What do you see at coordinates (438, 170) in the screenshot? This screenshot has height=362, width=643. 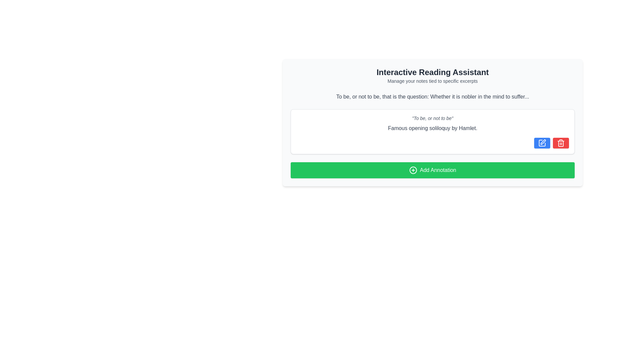 I see `the 'Add Annotation' text label located within the green button to trigger tooltips or visual feedback` at bounding box center [438, 170].